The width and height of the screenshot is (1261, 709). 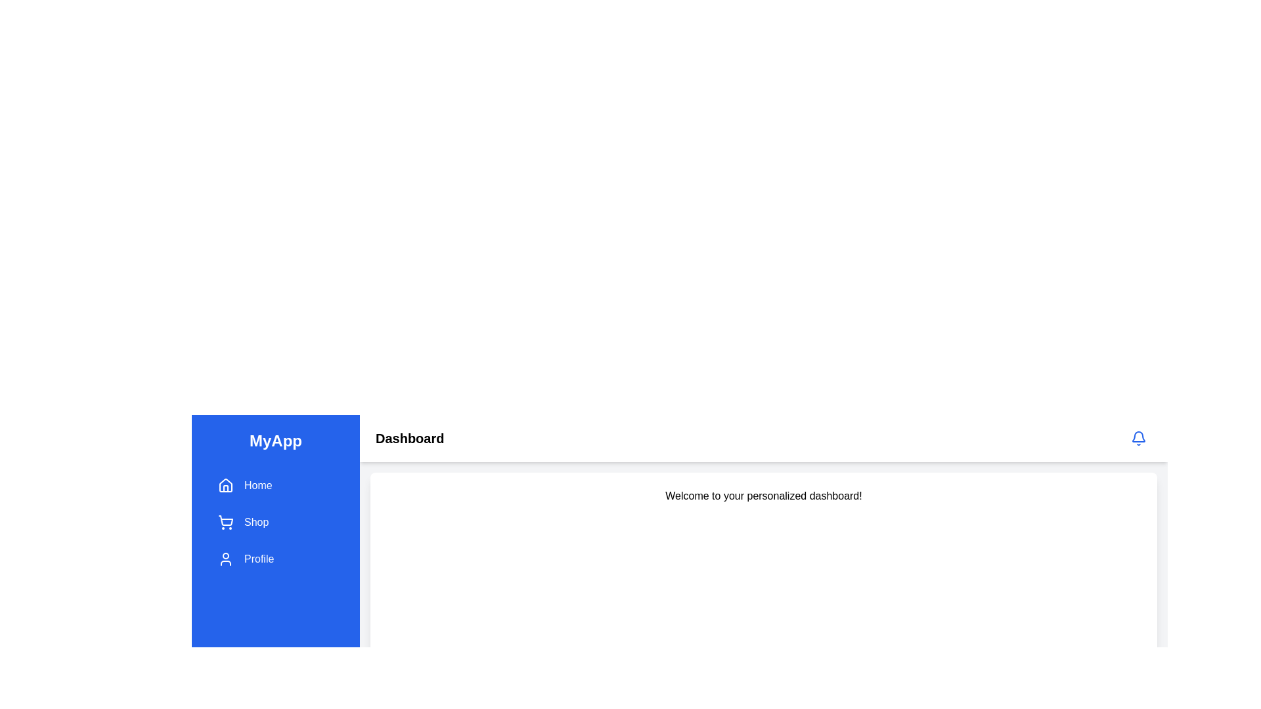 What do you see at coordinates (256, 521) in the screenshot?
I see `the text label for the navigation menu item related to shopping functionalities, located inside the second menu item of the vertical navigation panel, positioned to the right of the shopping cart icon and between 'Home' and 'Profile'` at bounding box center [256, 521].